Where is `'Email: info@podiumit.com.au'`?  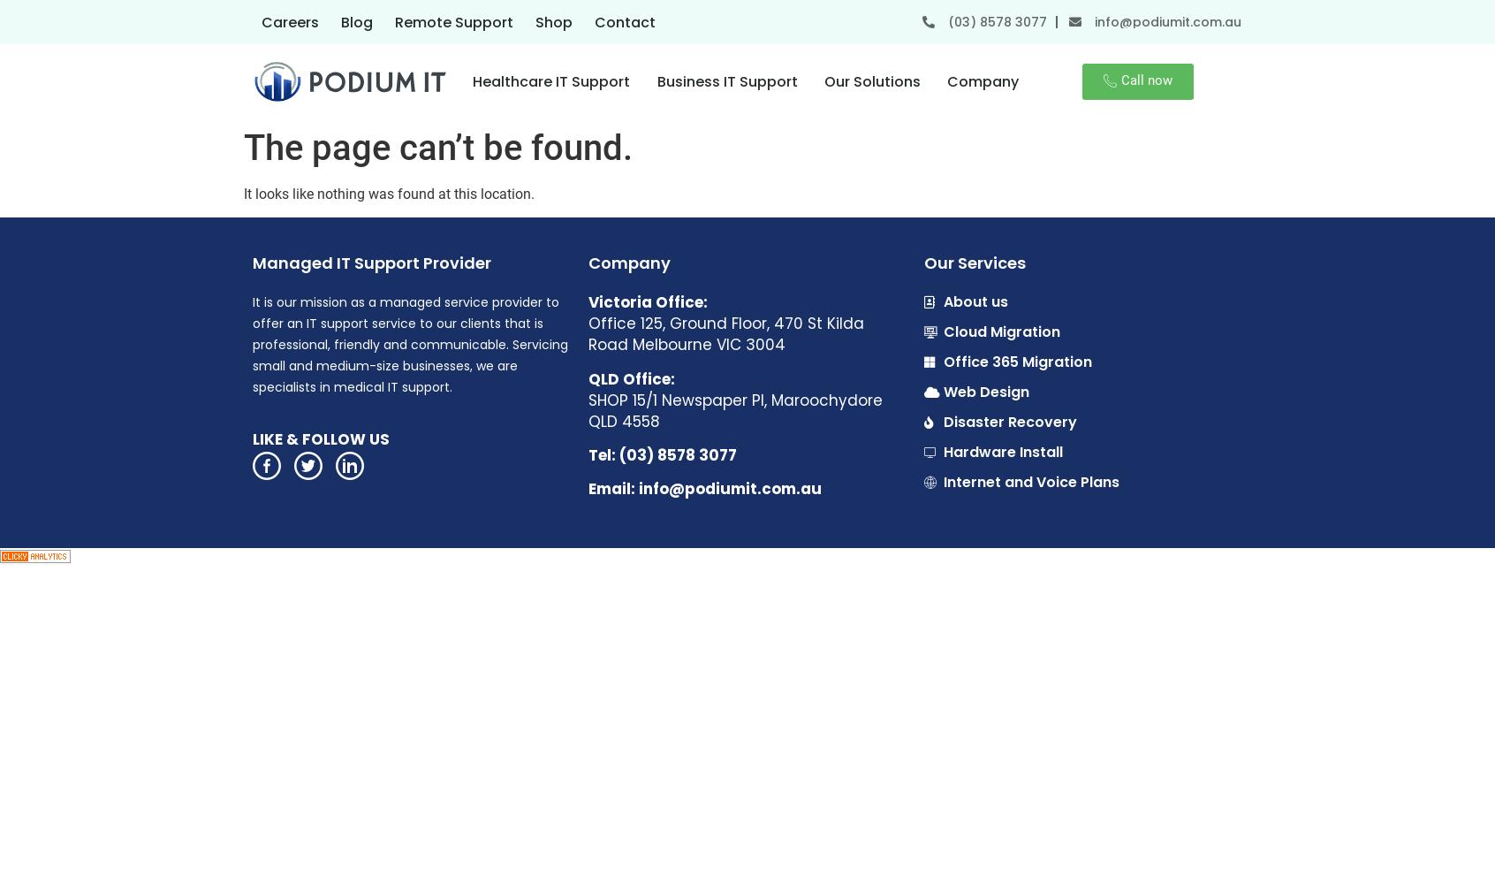 'Email: info@podiumit.com.au' is located at coordinates (587, 489).